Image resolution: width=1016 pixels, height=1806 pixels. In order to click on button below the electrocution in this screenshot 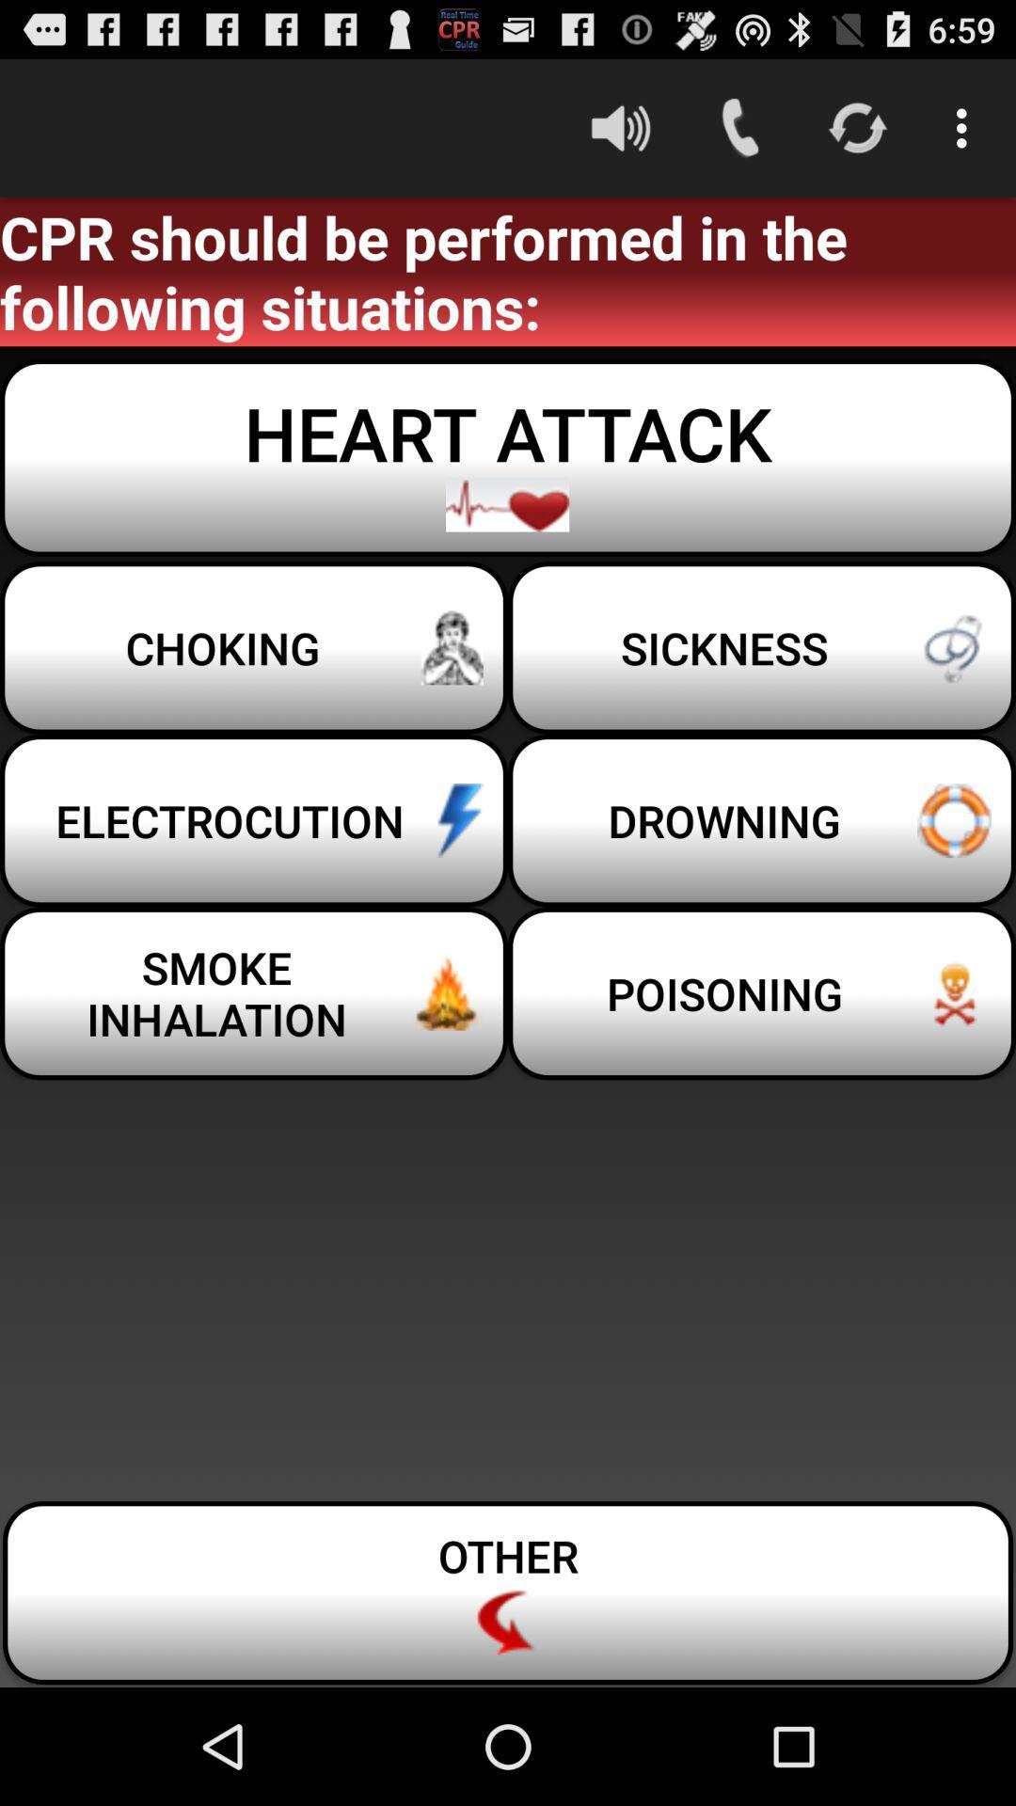, I will do `click(254, 992)`.